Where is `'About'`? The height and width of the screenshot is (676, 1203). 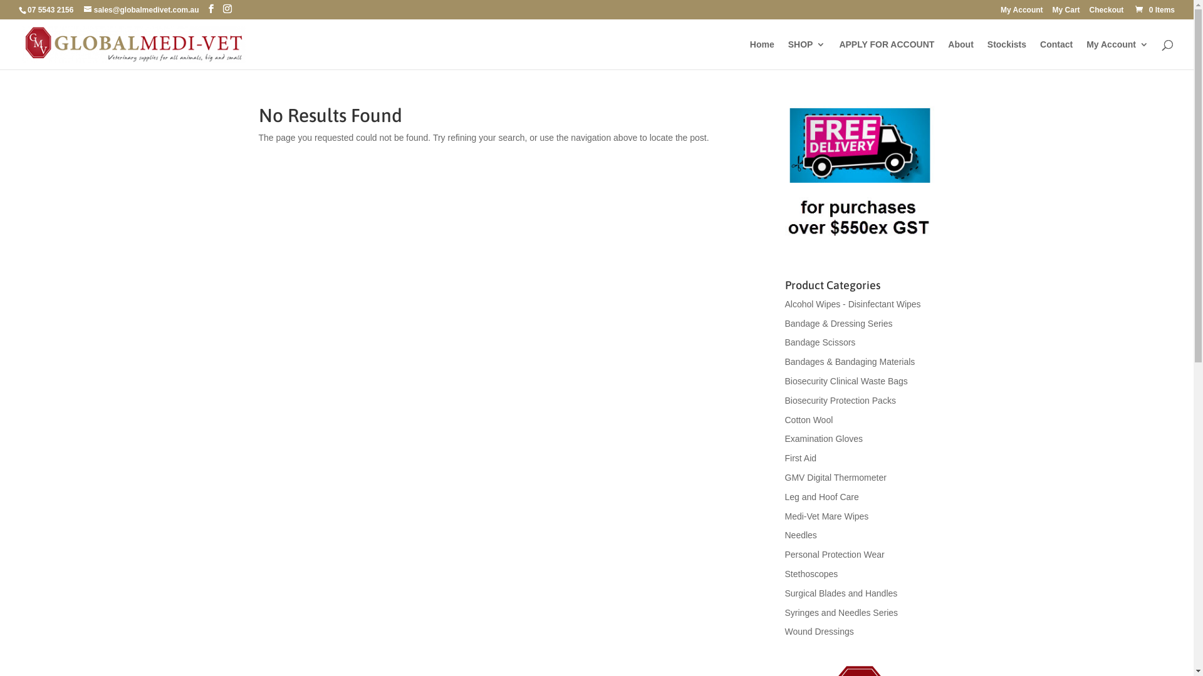 'About' is located at coordinates (959, 54).